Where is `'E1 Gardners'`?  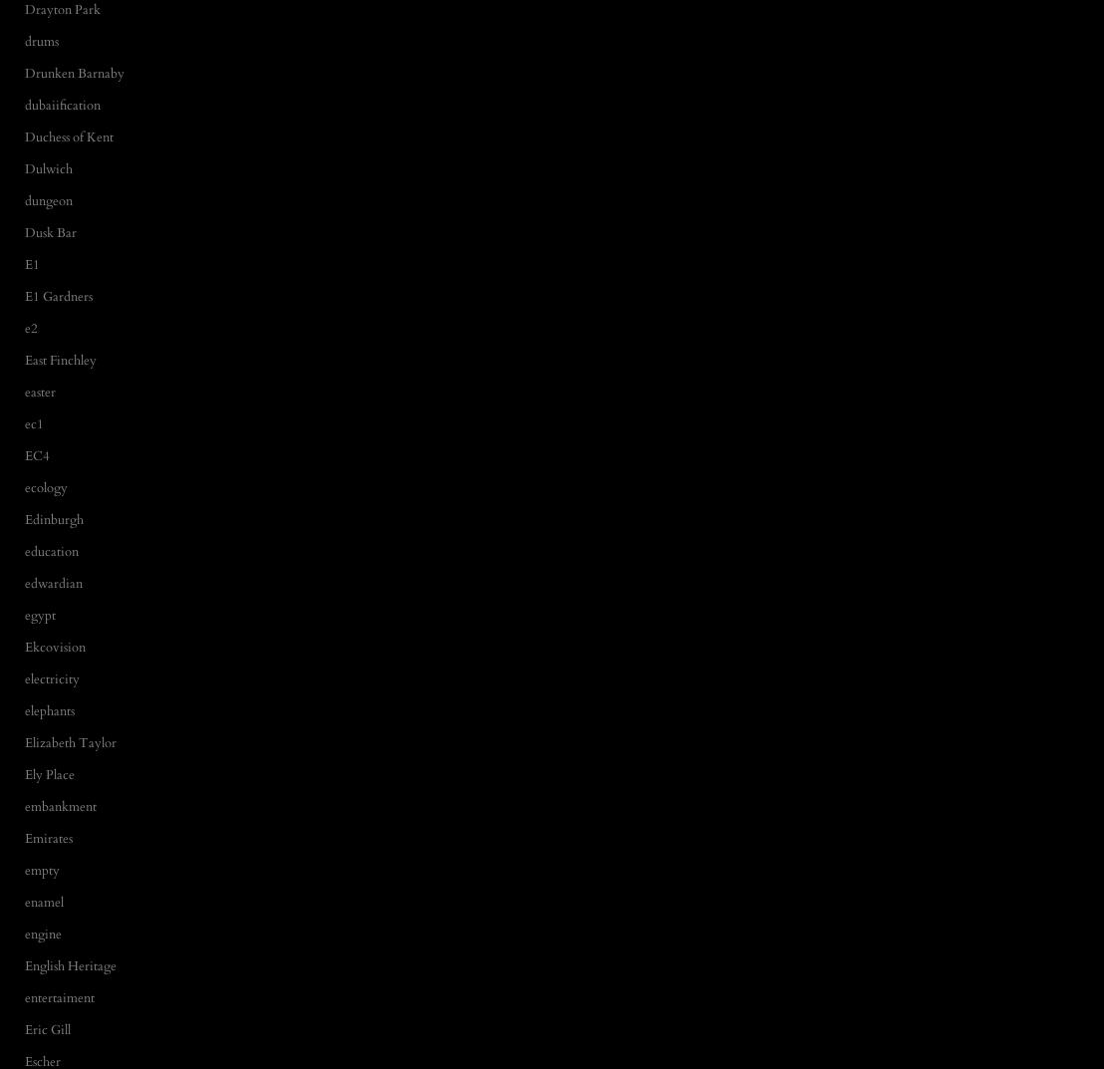
'E1 Gardners' is located at coordinates (57, 295).